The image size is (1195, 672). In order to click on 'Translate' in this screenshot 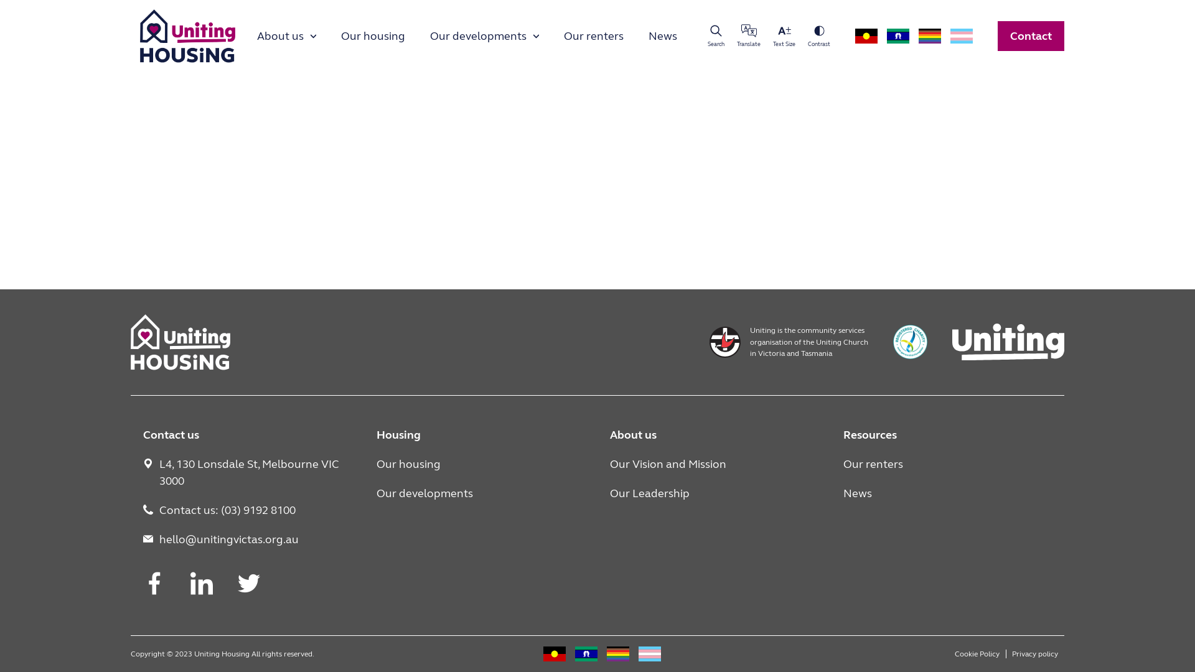, I will do `click(748, 35)`.